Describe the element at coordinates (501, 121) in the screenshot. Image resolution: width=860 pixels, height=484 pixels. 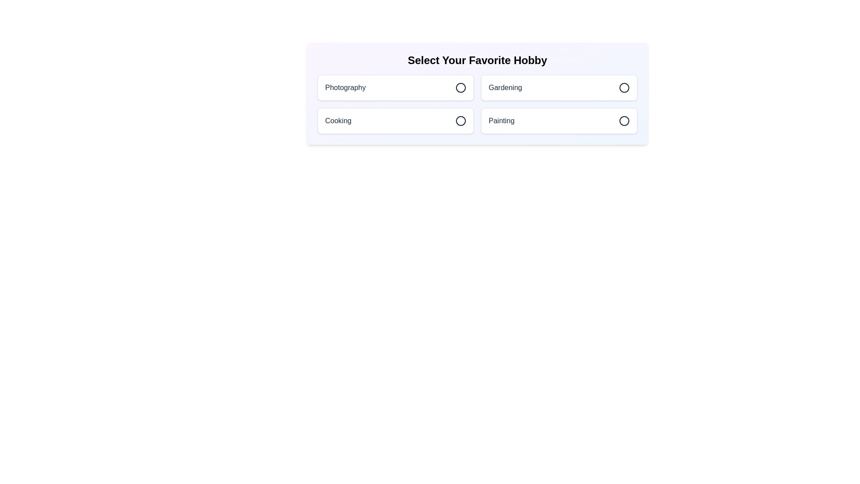
I see `the checkbox associated with the 'Painting' label in the hobby selection interface` at that location.